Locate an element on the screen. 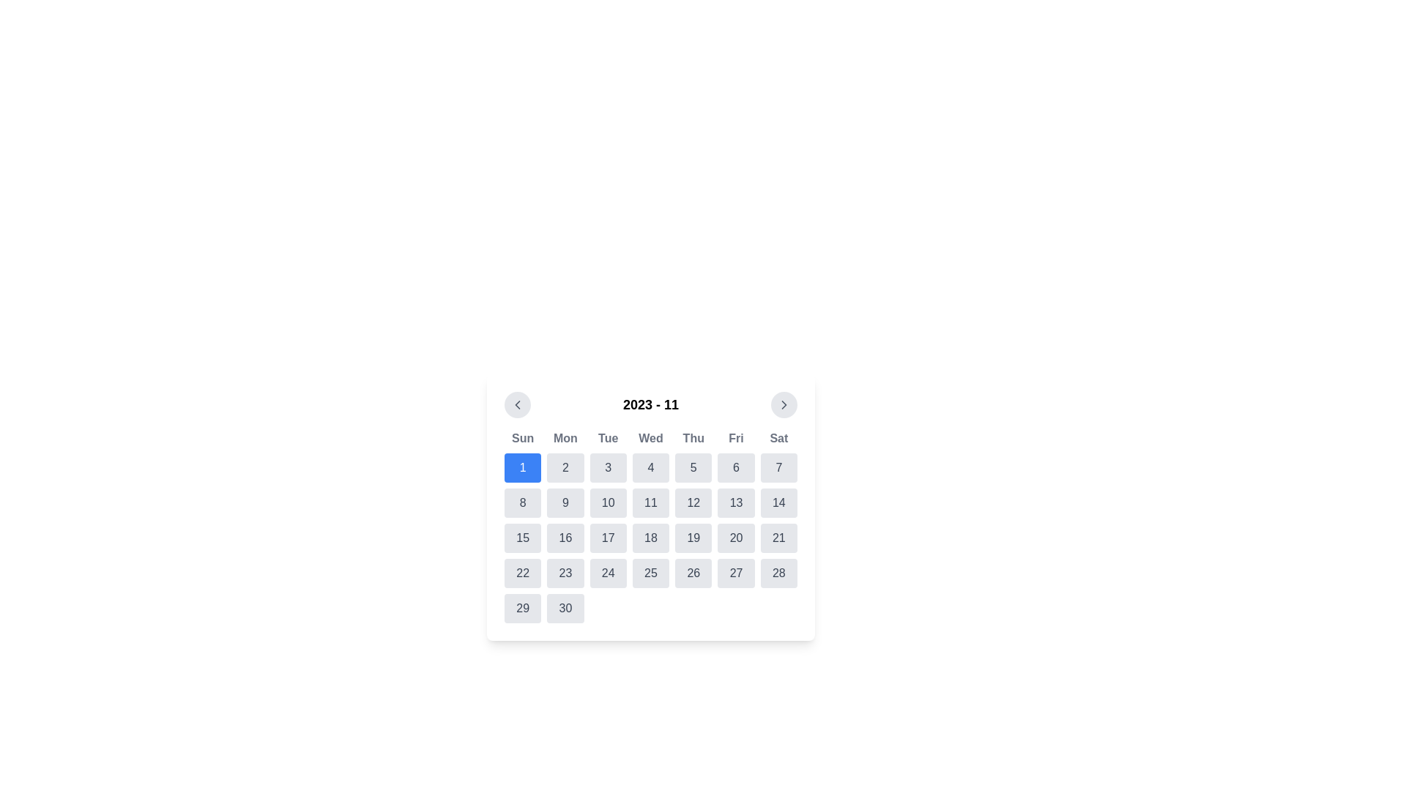 Image resolution: width=1406 pixels, height=791 pixels. the row of textual headers displaying the abbreviated days of the week for the calendar interface, located beneath the title '2023 - 11' is located at coordinates (650, 437).